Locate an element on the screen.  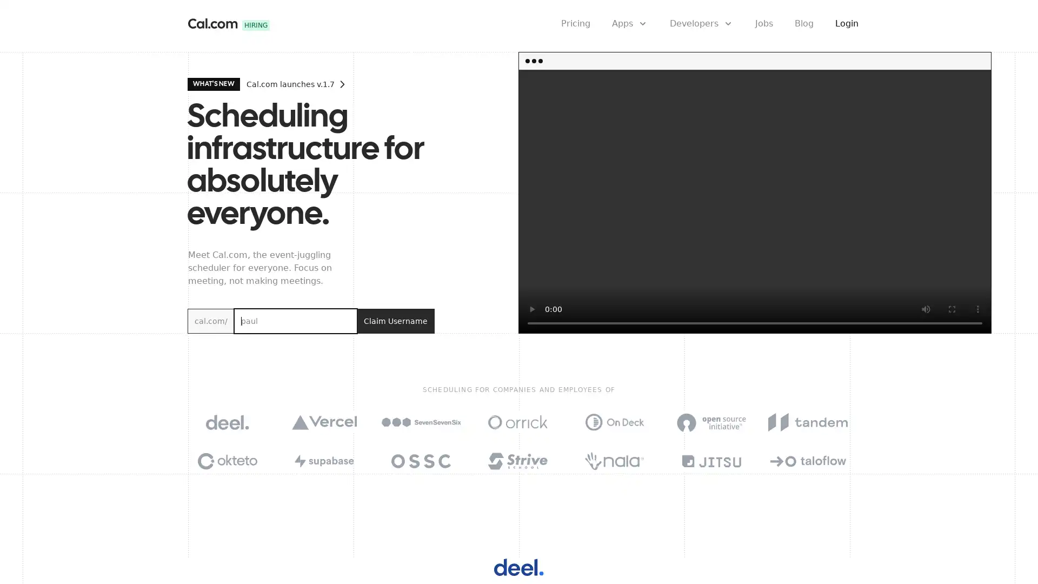
Claim Username is located at coordinates (395, 321).